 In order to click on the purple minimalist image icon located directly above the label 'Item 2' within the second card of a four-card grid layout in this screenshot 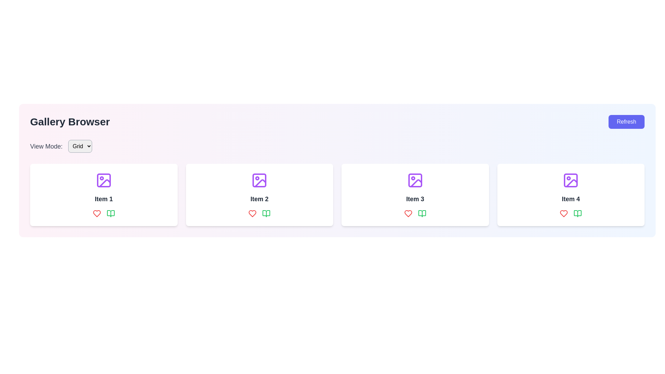, I will do `click(259, 180)`.